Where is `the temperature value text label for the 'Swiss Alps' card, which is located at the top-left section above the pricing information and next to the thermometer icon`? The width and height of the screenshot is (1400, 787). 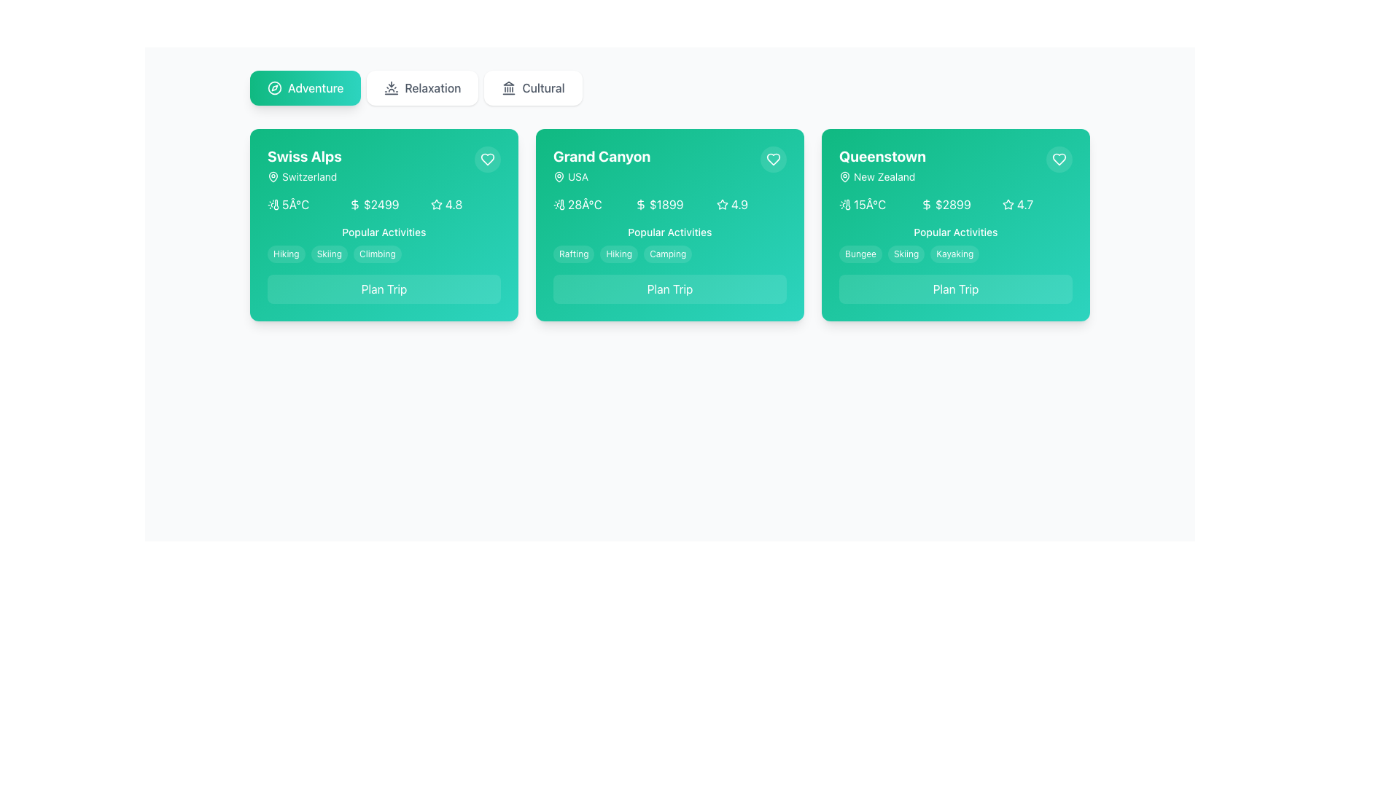
the temperature value text label for the 'Swiss Alps' card, which is located at the top-left section above the pricing information and next to the thermometer icon is located at coordinates (295, 205).